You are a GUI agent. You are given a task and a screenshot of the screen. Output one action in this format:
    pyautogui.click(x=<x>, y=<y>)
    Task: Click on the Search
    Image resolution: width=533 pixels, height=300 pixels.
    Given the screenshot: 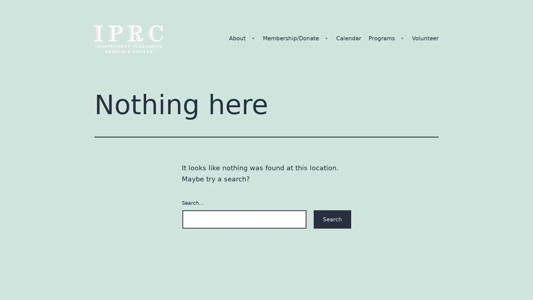 What is the action you would take?
    pyautogui.click(x=332, y=219)
    